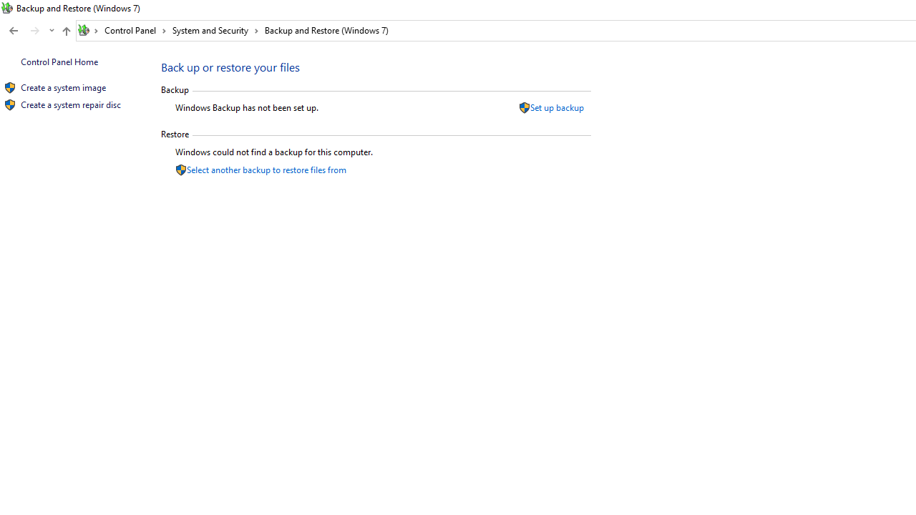  I want to click on 'System and Security', so click(215, 30).